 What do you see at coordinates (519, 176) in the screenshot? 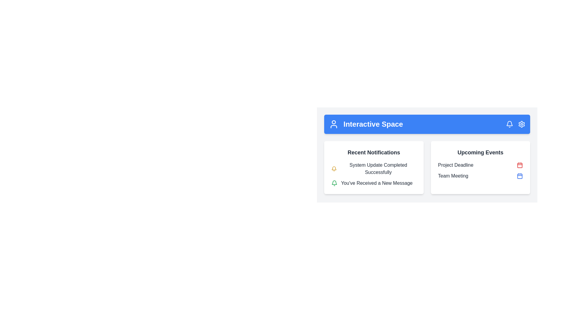
I see `the second calendar icon located to the far right of the 'Team Meeting' text in the 'Upcoming Events' section` at bounding box center [519, 176].